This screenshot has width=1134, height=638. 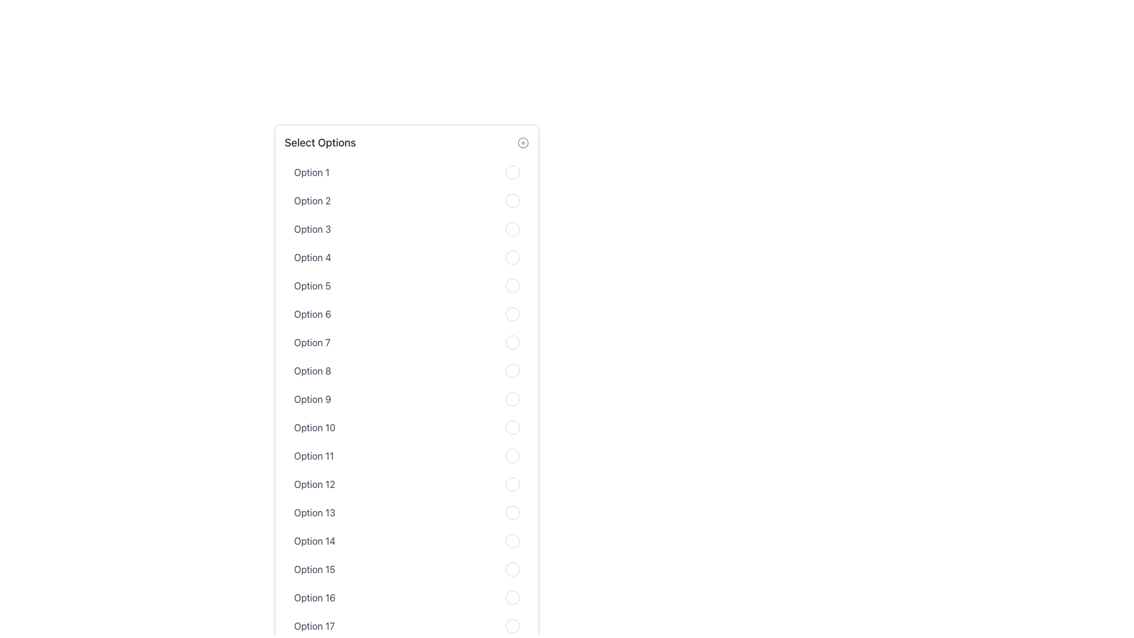 What do you see at coordinates (513, 256) in the screenshot?
I see `the radio button labeled 'Option 4'` at bounding box center [513, 256].